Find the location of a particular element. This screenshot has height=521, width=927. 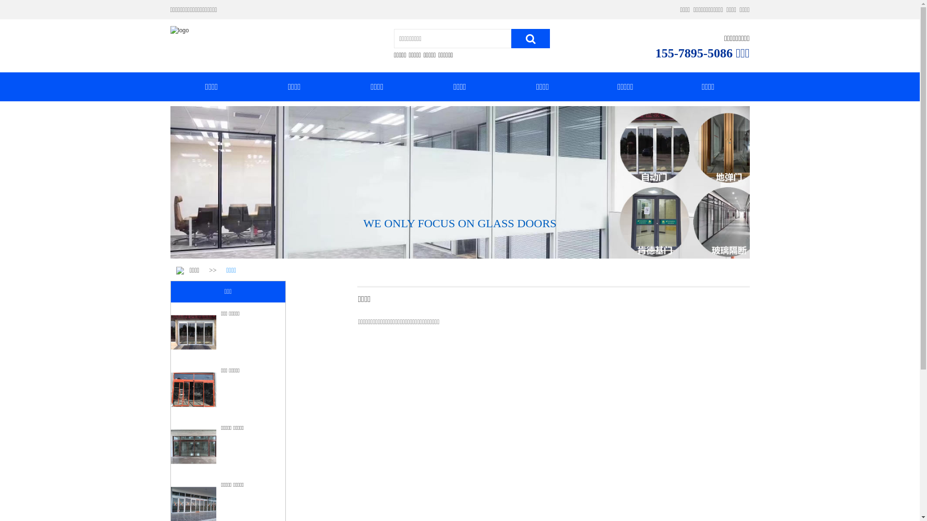

'WE ONLY FOCUS ON GLASS DOORS' is located at coordinates (363, 223).